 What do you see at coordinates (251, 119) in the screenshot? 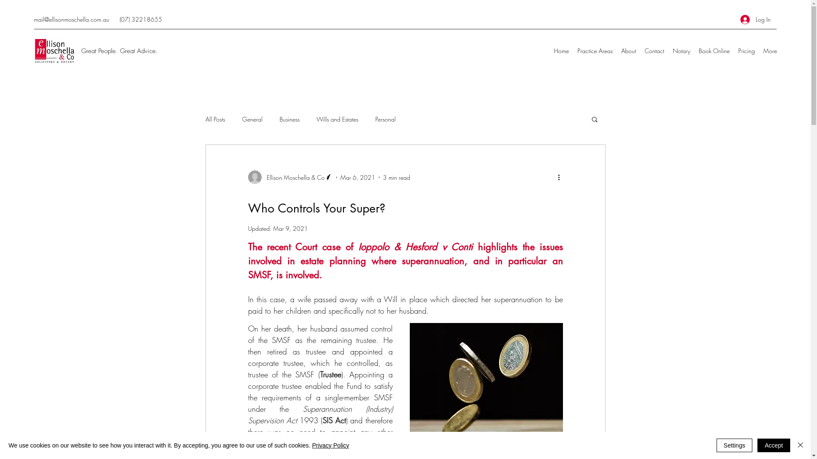
I see `'General'` at bounding box center [251, 119].